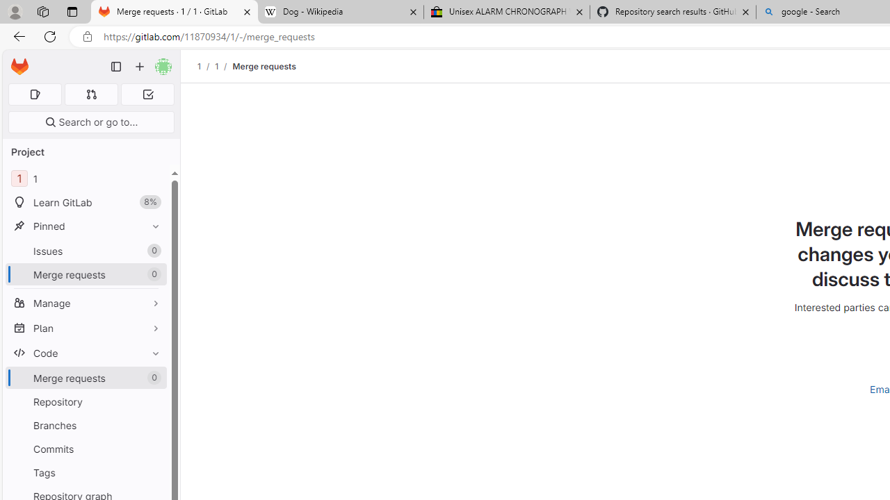  I want to click on '1', so click(216, 66).